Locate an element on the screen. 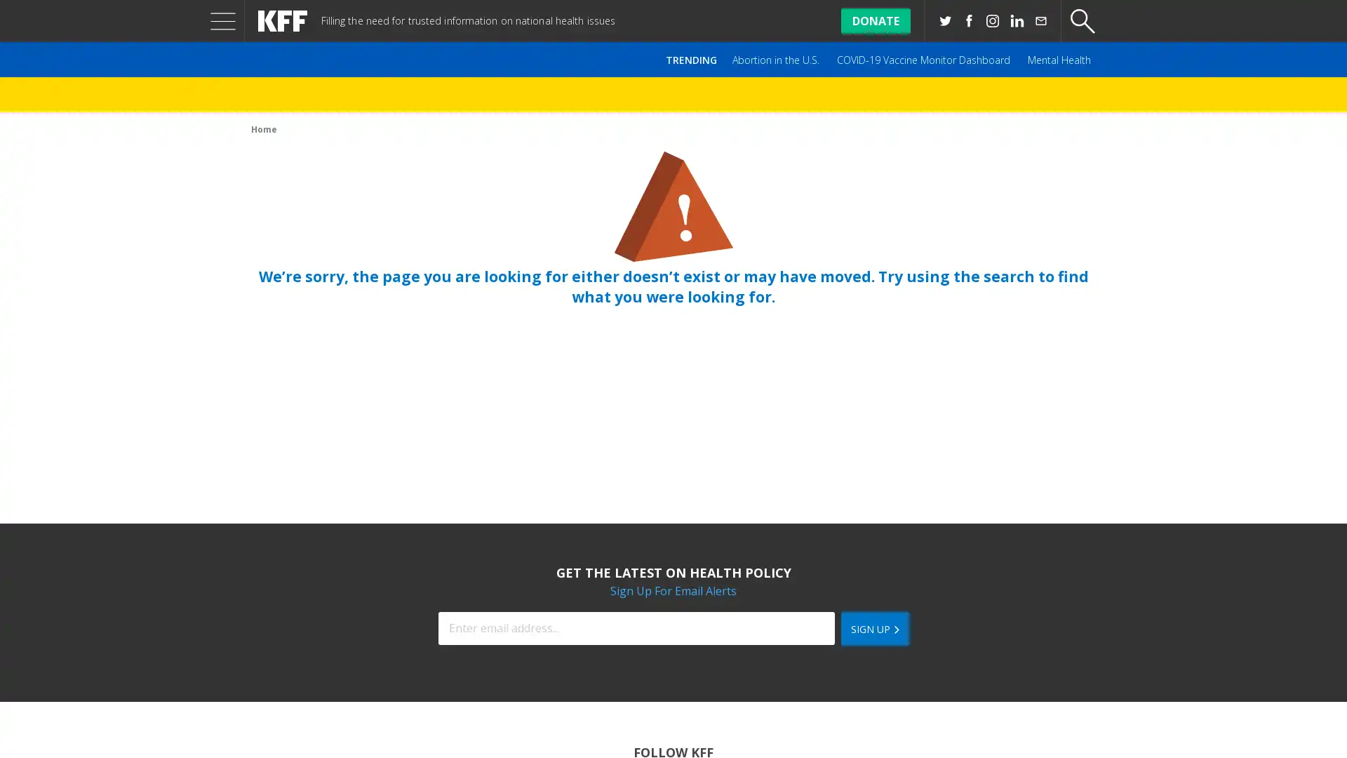  SIGN UP is located at coordinates (873, 627).